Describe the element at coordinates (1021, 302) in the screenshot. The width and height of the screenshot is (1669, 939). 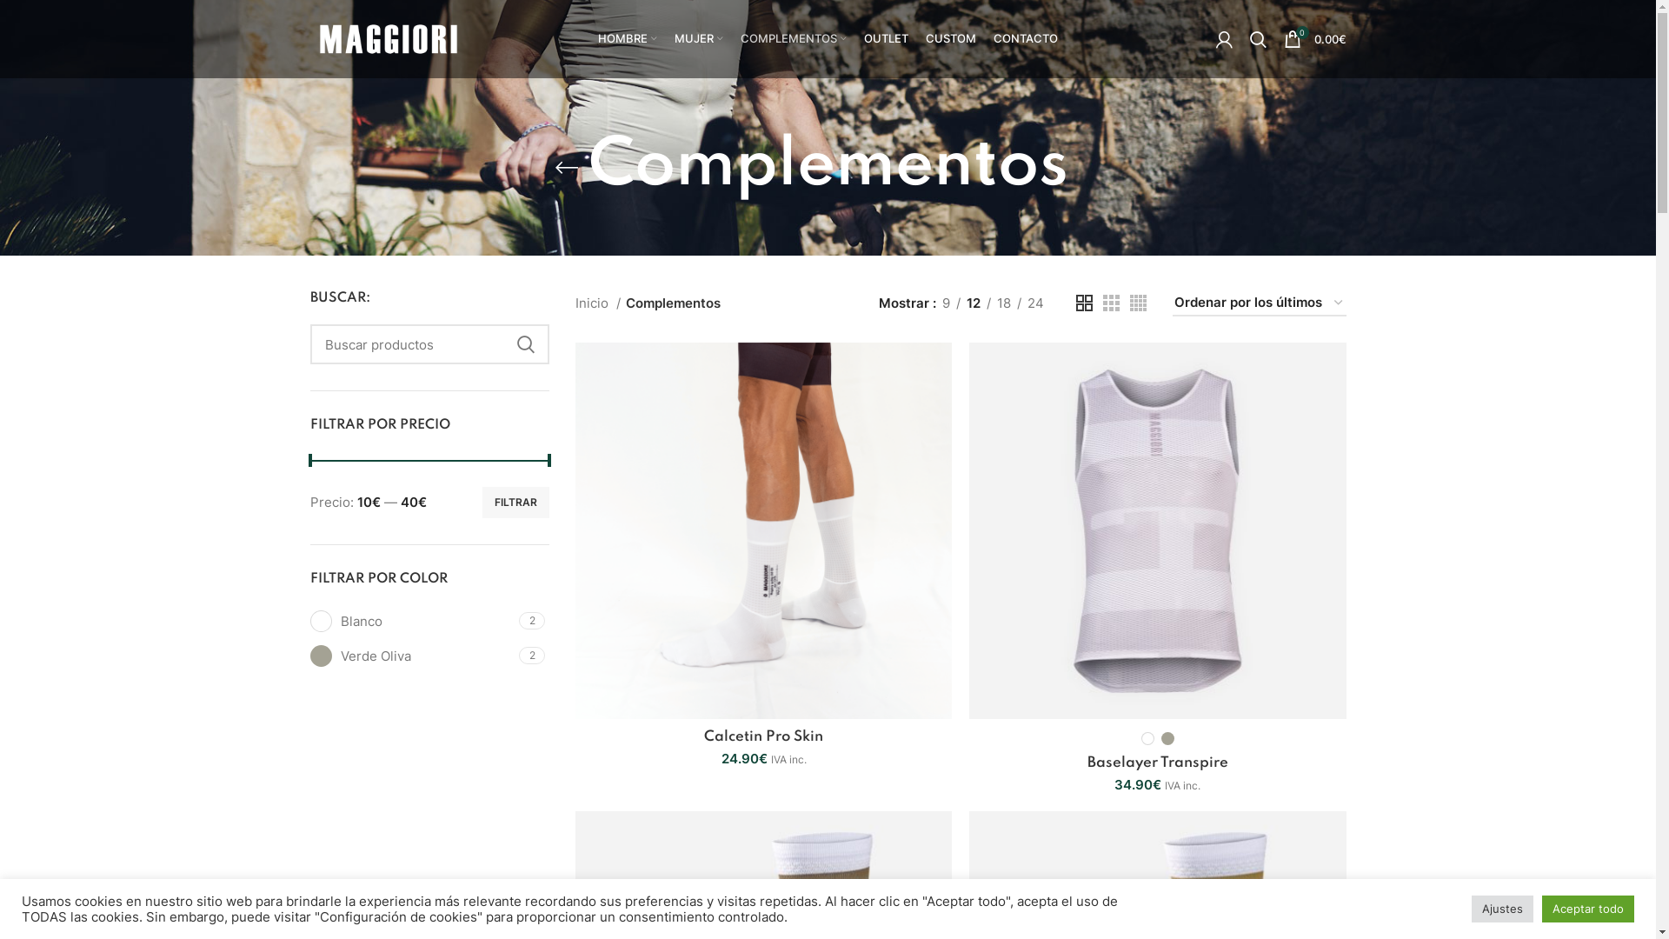
I see `'24'` at that location.